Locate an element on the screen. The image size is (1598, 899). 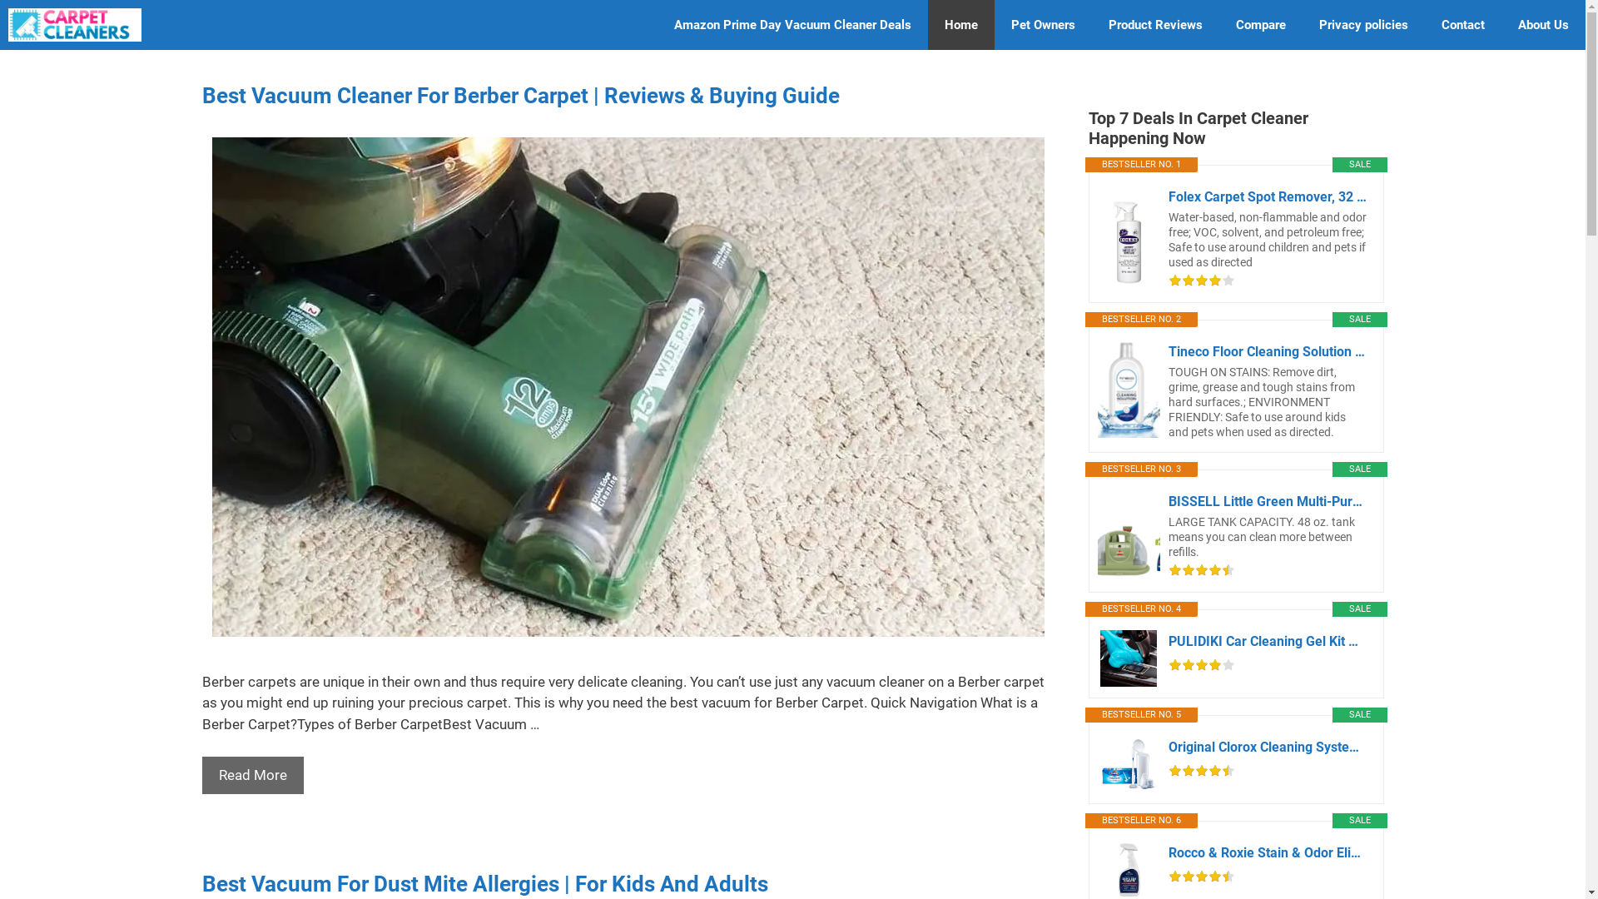
'Amazon Prime Day Vacuum Cleaner Deals' is located at coordinates (792, 25).